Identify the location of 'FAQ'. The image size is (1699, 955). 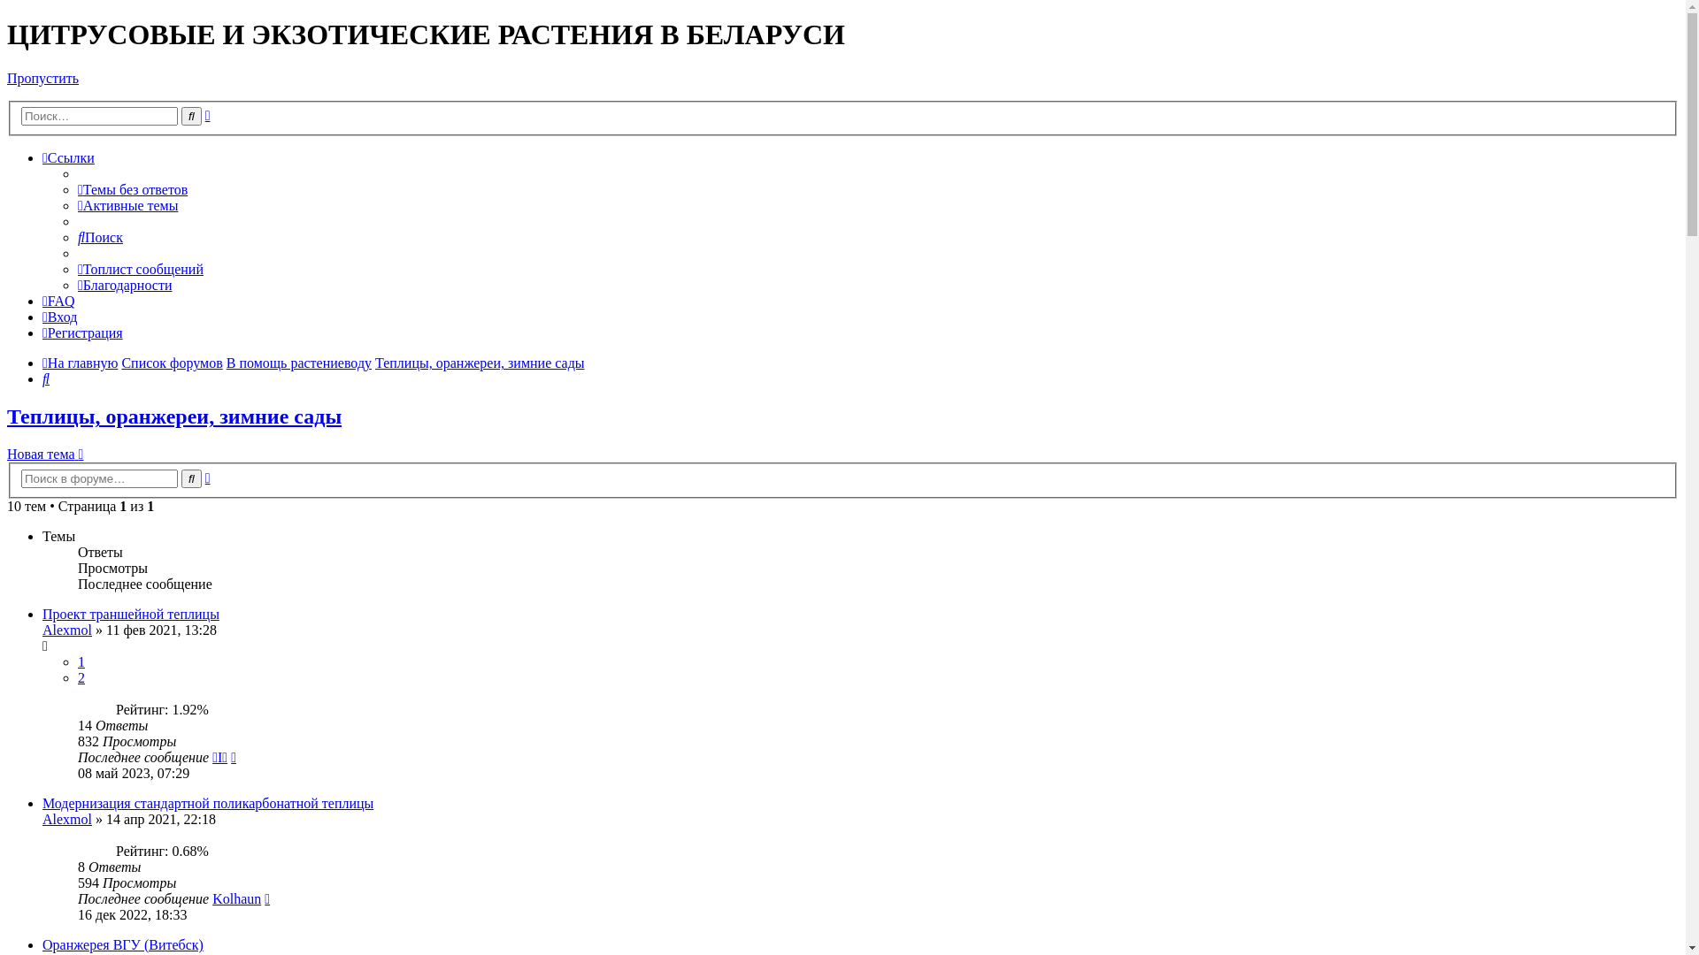
(58, 300).